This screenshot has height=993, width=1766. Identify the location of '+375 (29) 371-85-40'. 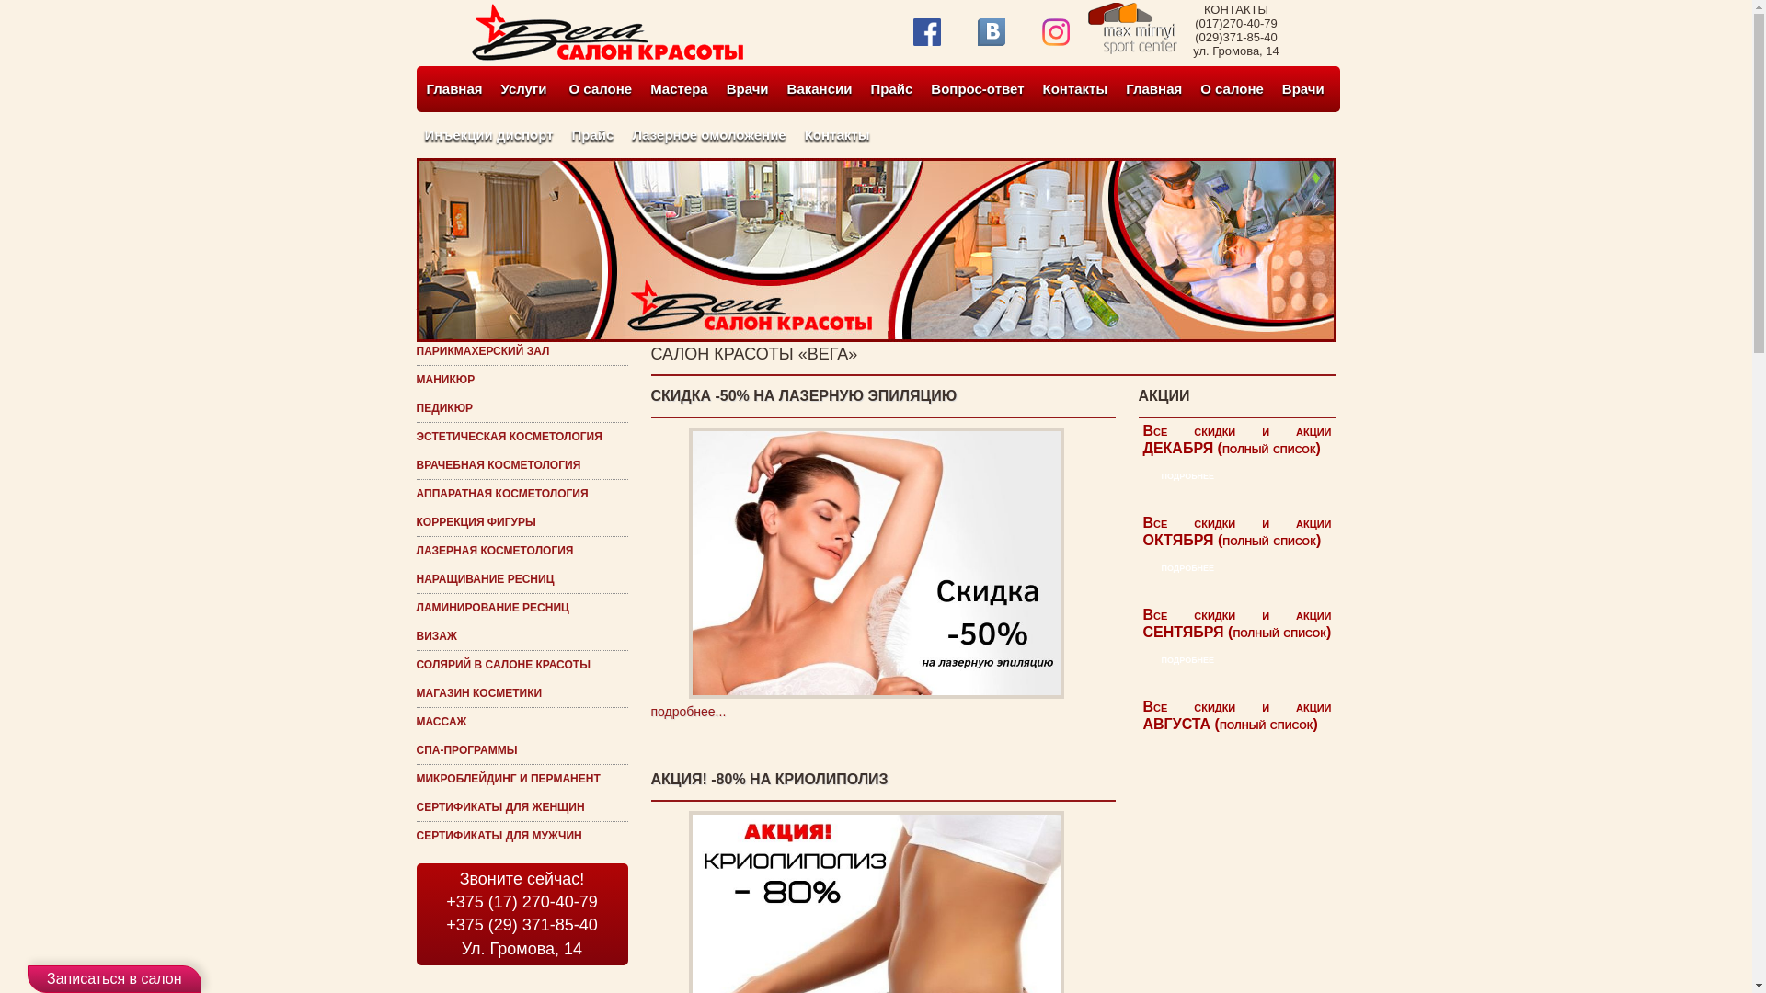
(521, 925).